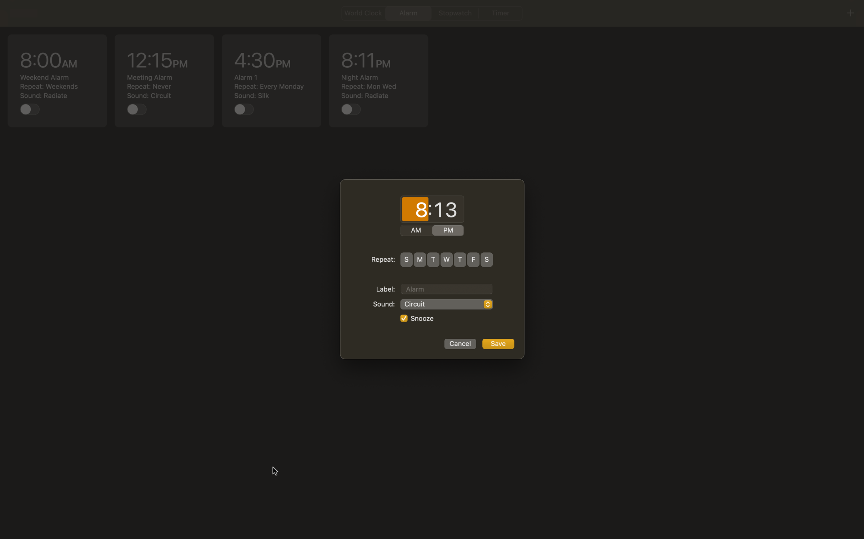 The height and width of the screenshot is (539, 864). Describe the element at coordinates (403, 318) in the screenshot. I see `Disallow snooze function` at that location.